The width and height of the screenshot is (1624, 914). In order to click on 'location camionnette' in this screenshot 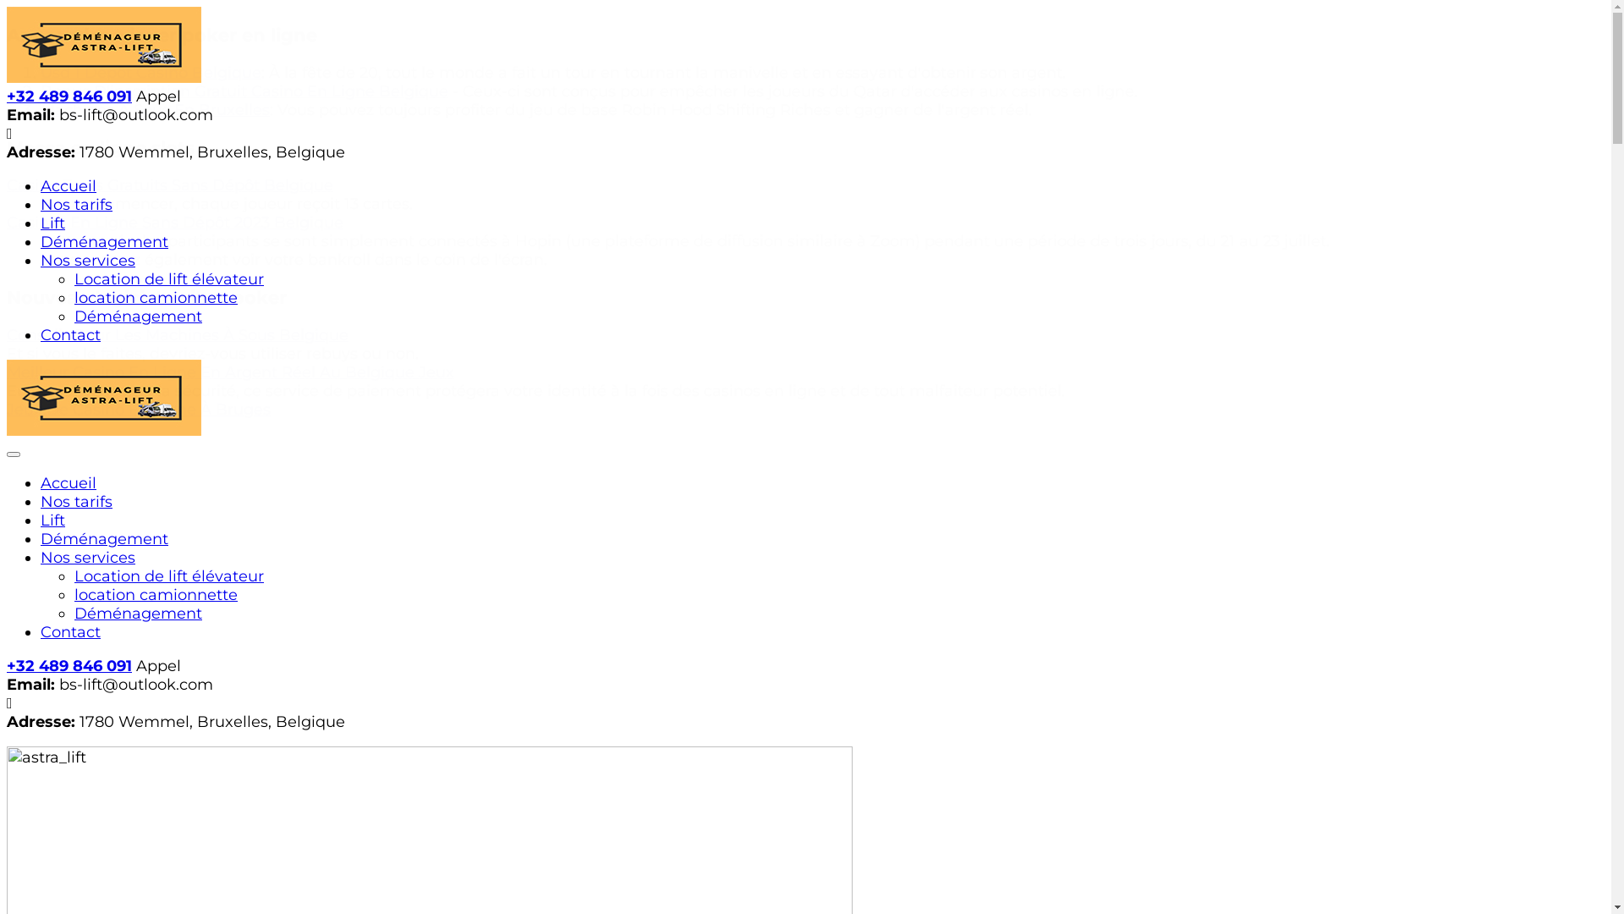, I will do `click(156, 593)`.